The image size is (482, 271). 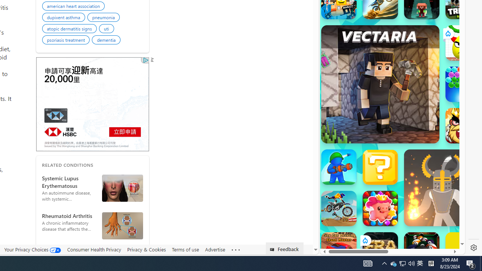 I want to click on 'poki.com', so click(x=411, y=127).